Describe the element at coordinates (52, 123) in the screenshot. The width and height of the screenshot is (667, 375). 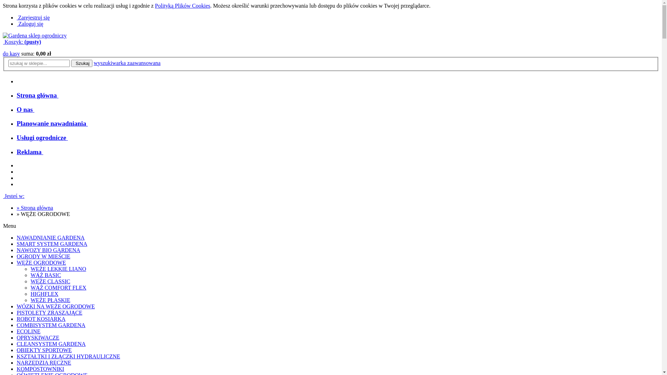
I see `'Planowanie nawadniania'` at that location.